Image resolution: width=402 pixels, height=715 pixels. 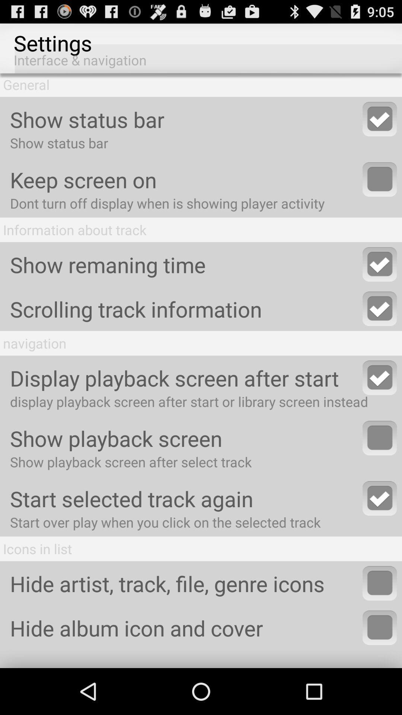 I want to click on display playback screen after start, so click(x=380, y=378).